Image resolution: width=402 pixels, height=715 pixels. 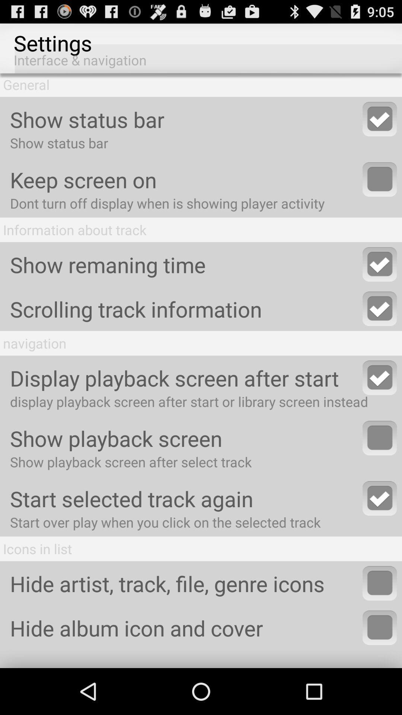 I want to click on display playback screen after start, so click(x=380, y=378).